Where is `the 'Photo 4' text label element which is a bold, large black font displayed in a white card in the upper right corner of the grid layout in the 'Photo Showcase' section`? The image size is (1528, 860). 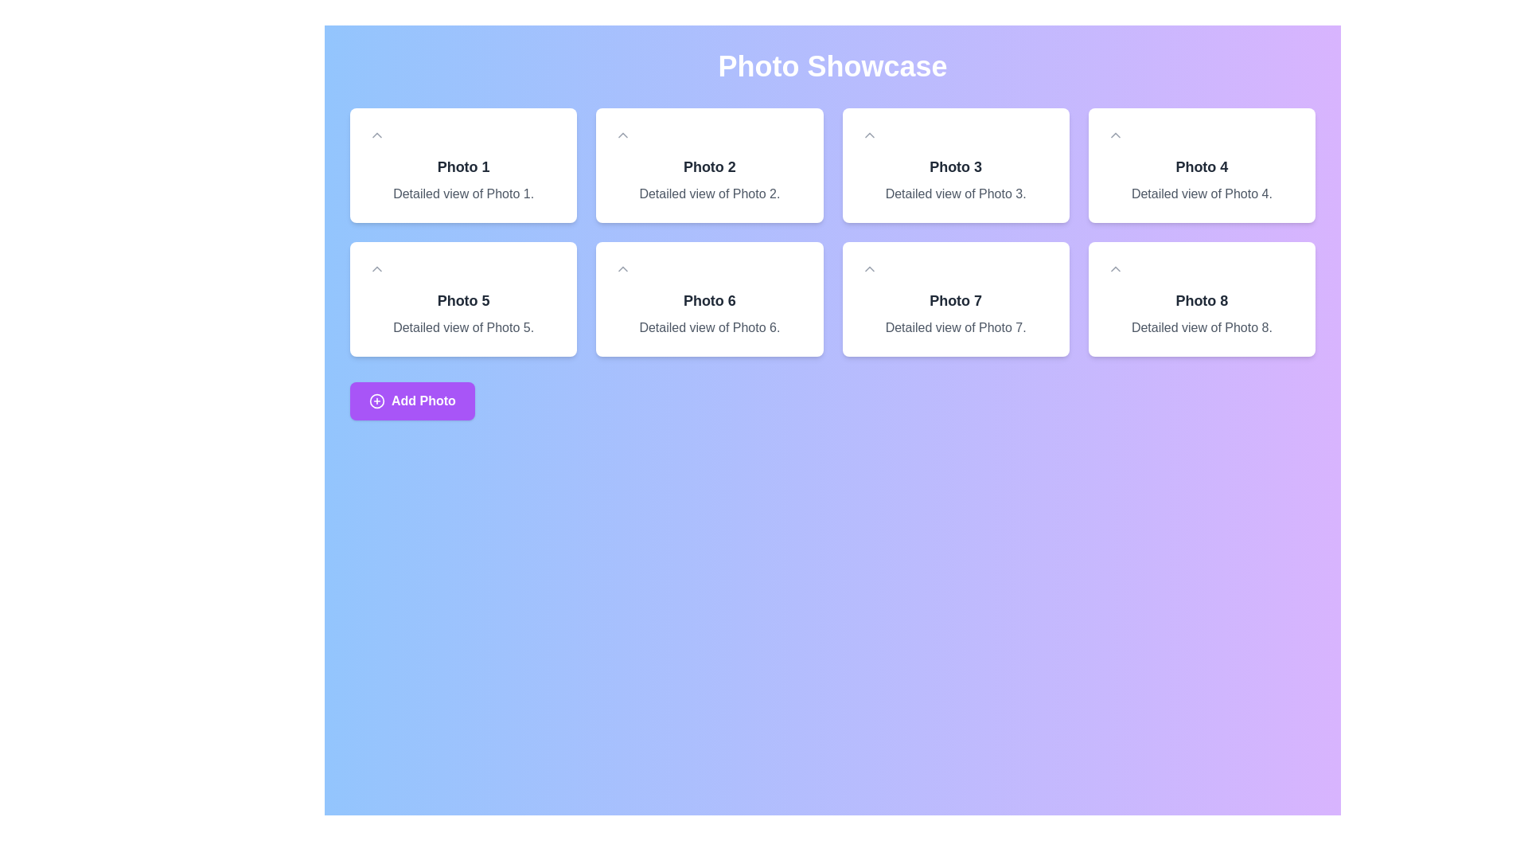 the 'Photo 4' text label element which is a bold, large black font displayed in a white card in the upper right corner of the grid layout in the 'Photo Showcase' section is located at coordinates (1202, 166).